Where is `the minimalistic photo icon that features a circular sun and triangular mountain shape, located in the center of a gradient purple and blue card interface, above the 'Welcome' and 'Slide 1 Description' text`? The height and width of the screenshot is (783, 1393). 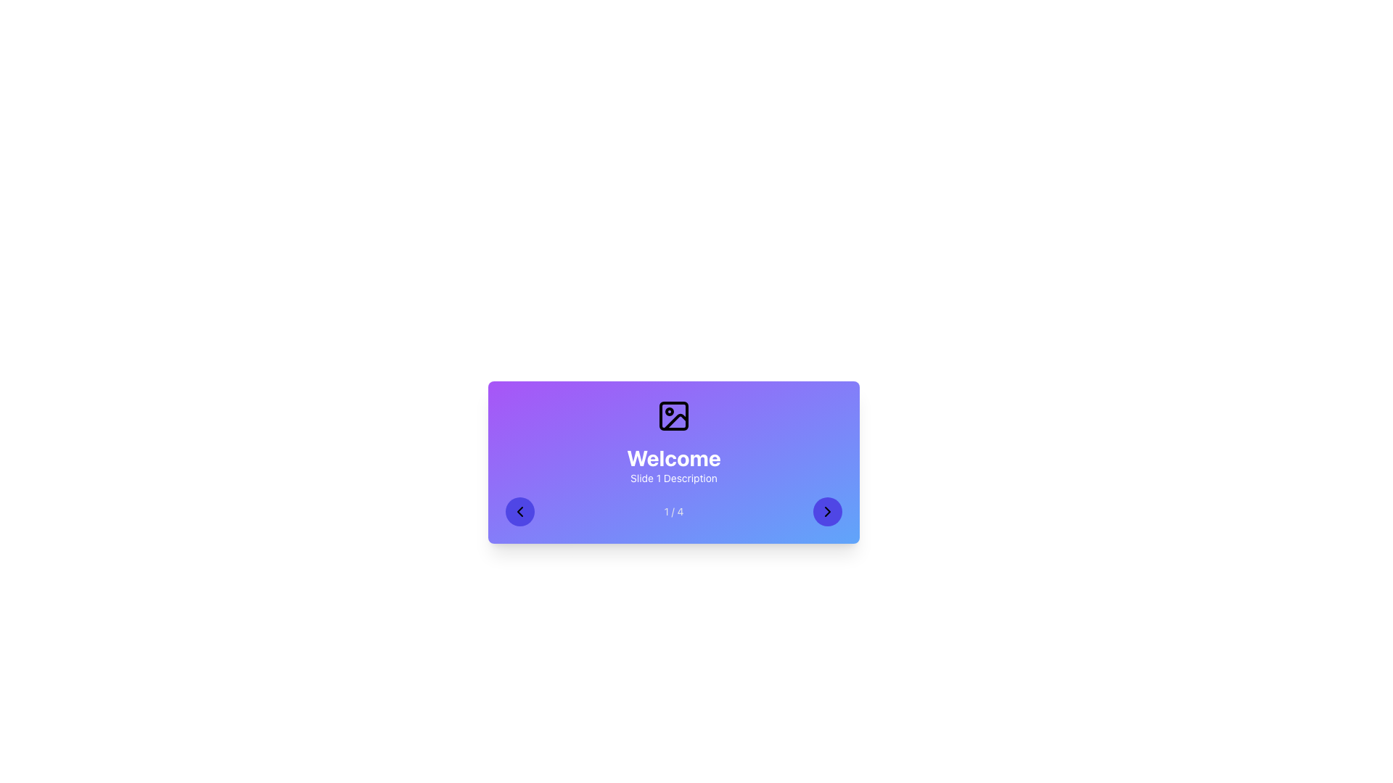 the minimalistic photo icon that features a circular sun and triangular mountain shape, located in the center of a gradient purple and blue card interface, above the 'Welcome' and 'Slide 1 Description' text is located at coordinates (673, 416).